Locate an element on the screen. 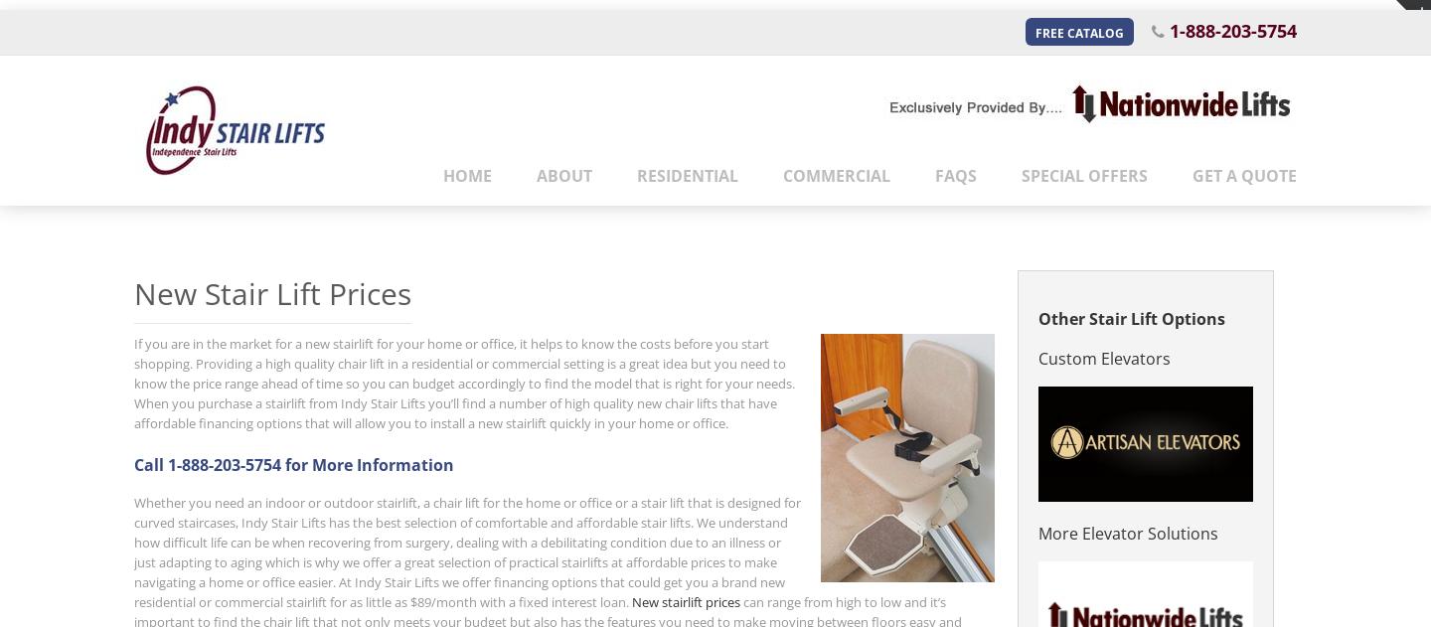  'FAQS' is located at coordinates (955, 174).